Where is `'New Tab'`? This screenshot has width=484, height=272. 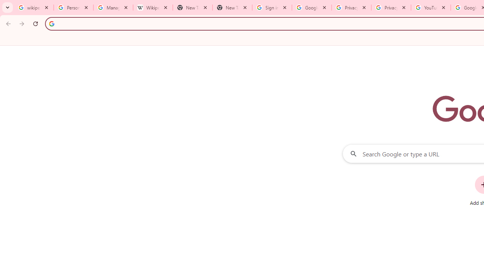
'New Tab' is located at coordinates (232, 8).